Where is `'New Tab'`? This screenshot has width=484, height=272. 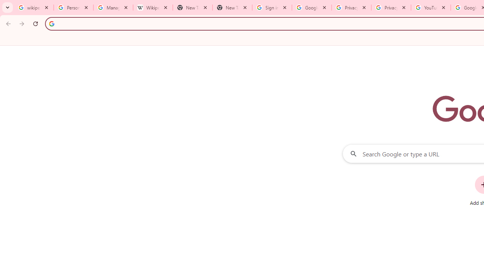
'New Tab' is located at coordinates (232, 8).